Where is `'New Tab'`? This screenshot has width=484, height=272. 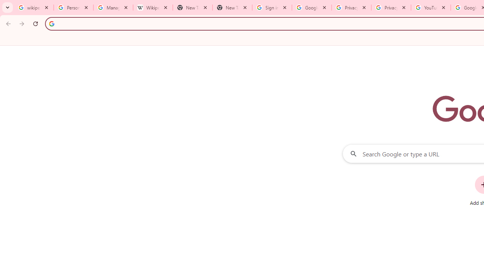
'New Tab' is located at coordinates (232, 8).